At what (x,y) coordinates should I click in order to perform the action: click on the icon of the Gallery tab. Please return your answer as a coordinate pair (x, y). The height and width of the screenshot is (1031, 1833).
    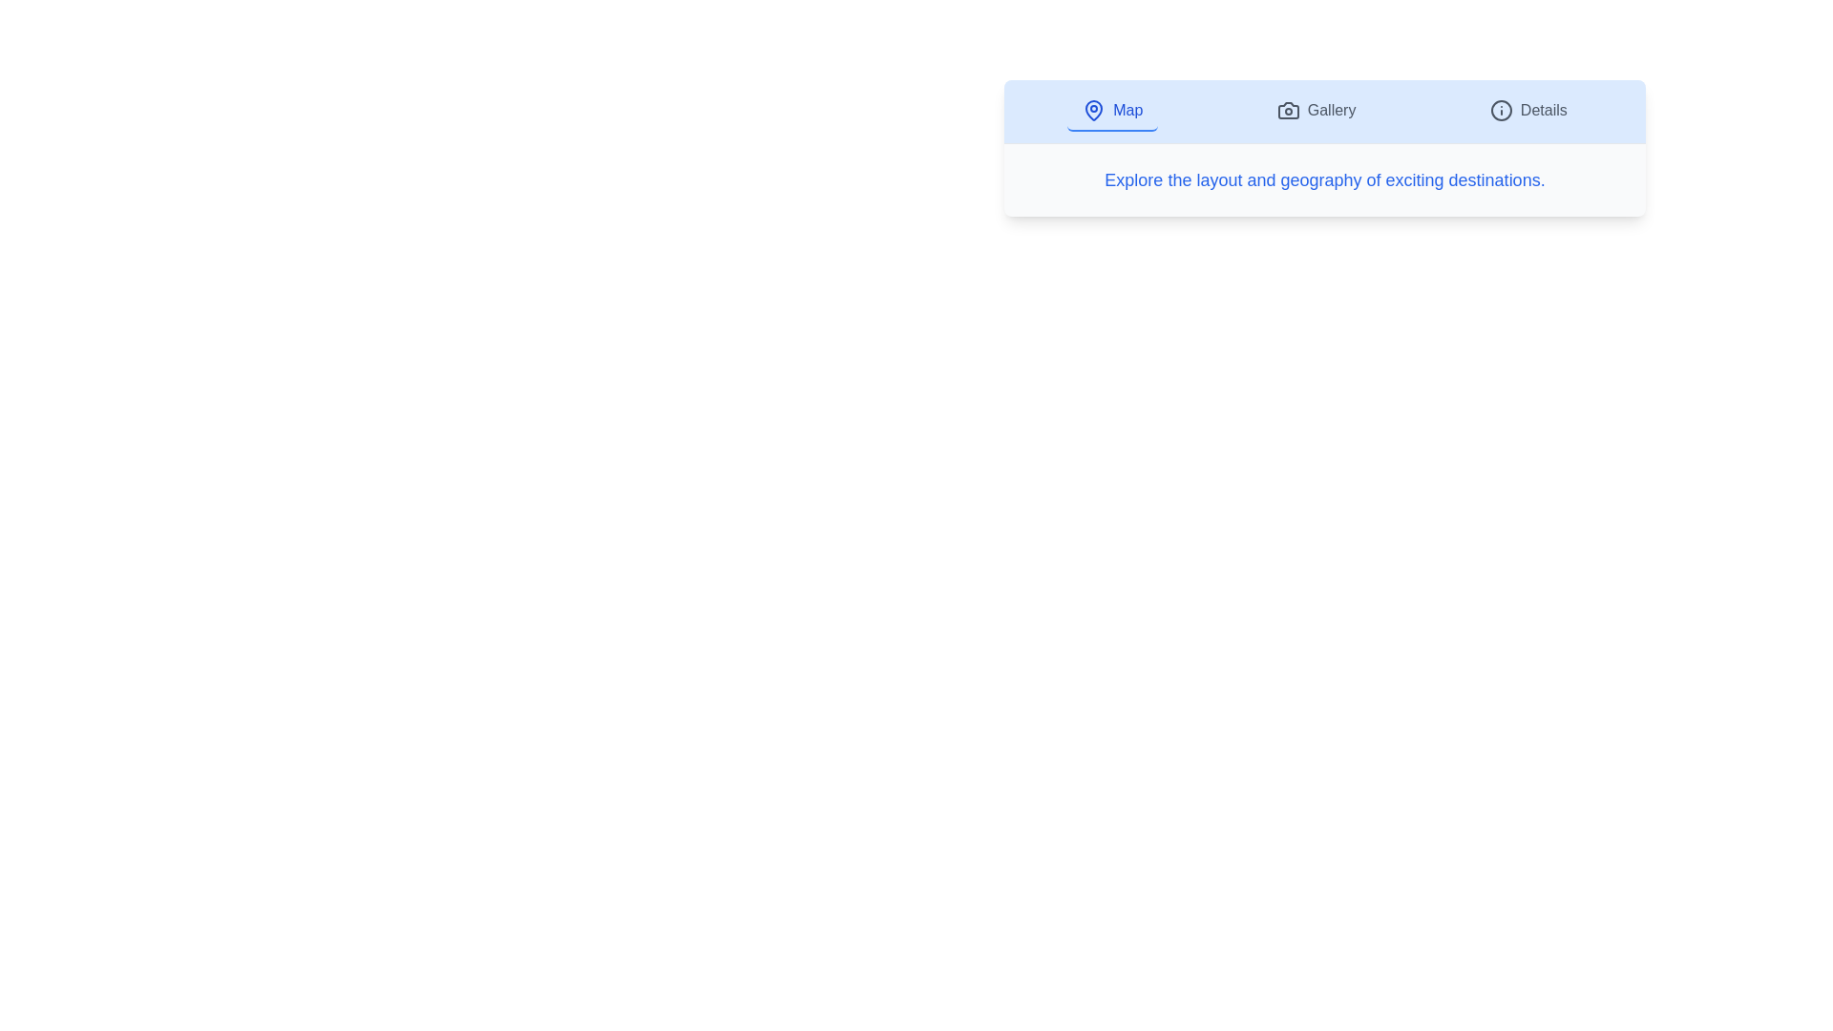
    Looking at the image, I should click on (1288, 110).